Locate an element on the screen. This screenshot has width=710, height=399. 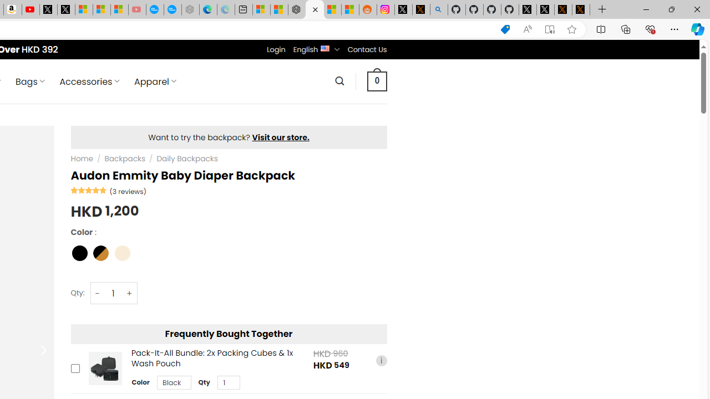
'GitHub (@github) / X' is located at coordinates (545, 9).